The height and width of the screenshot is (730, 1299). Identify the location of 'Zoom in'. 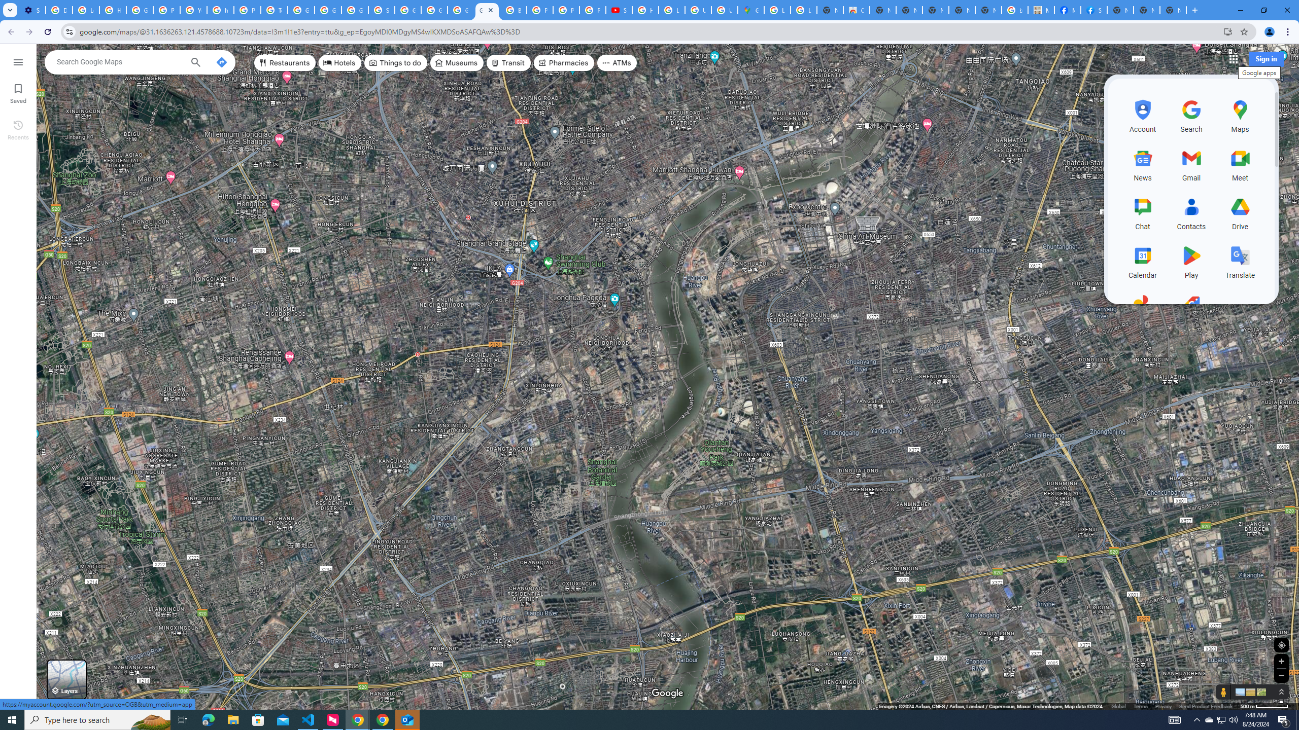
(1281, 661).